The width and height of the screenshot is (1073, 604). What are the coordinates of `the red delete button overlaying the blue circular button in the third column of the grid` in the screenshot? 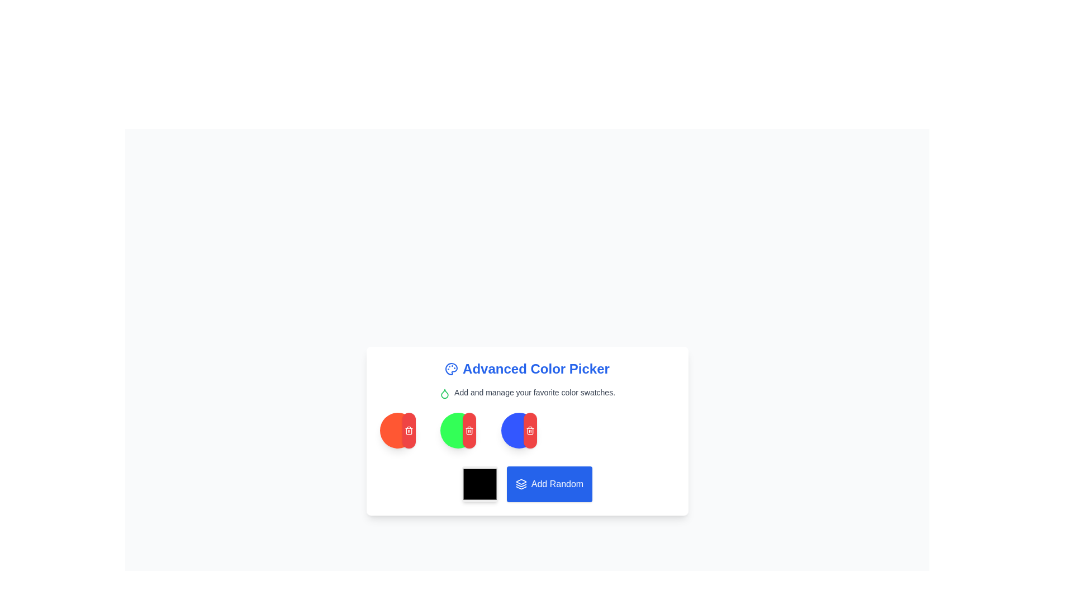 It's located at (519, 430).